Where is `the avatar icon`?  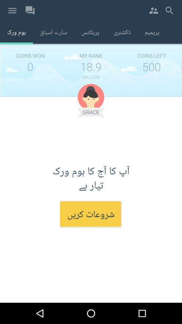
the avatar icon is located at coordinates (91, 104).